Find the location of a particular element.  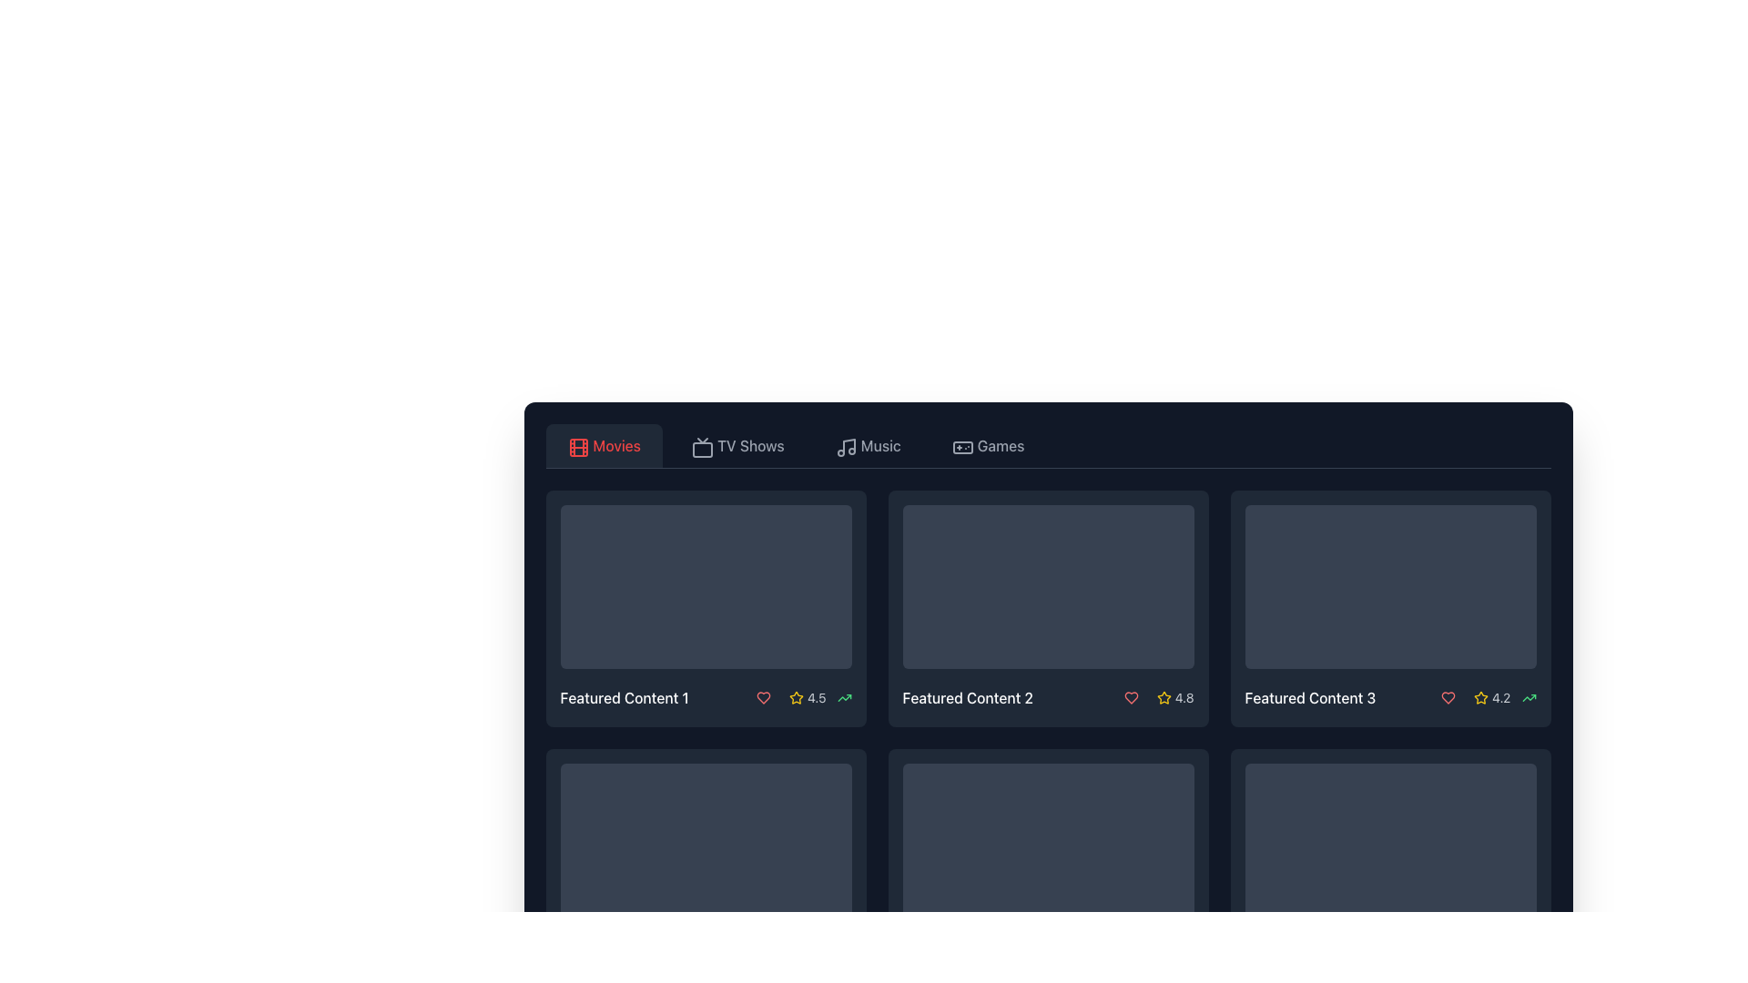

the 'Movies' text label in the horizontal navigation bar is located at coordinates (616, 445).